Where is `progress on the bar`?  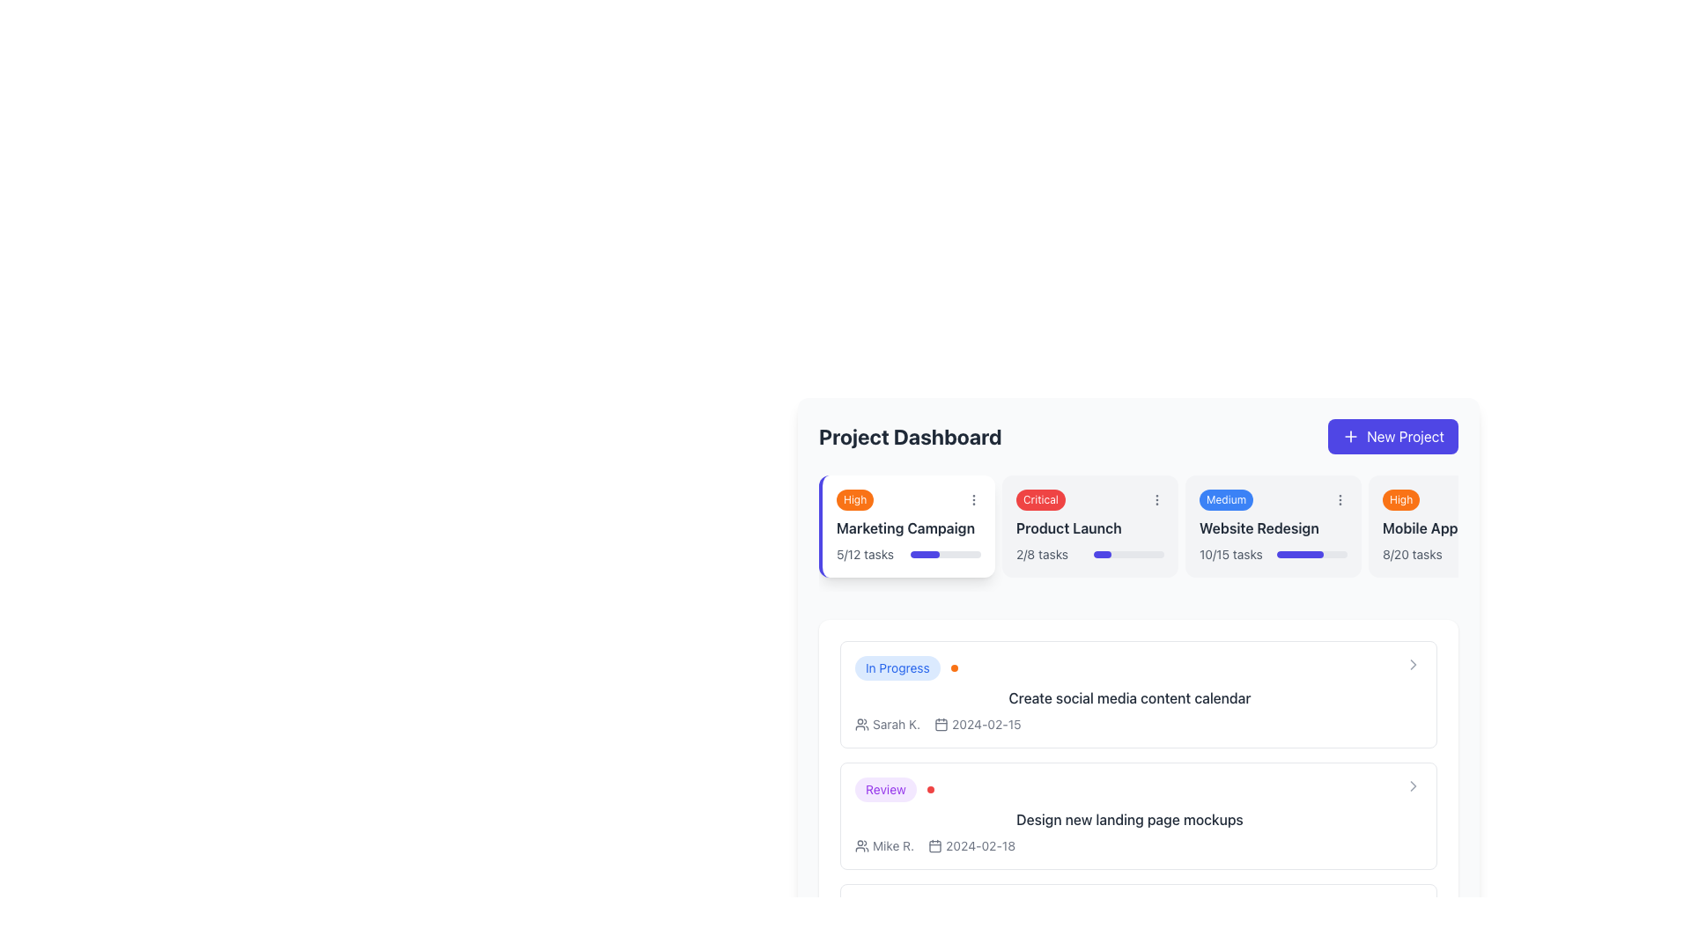
progress on the bar is located at coordinates (940, 553).